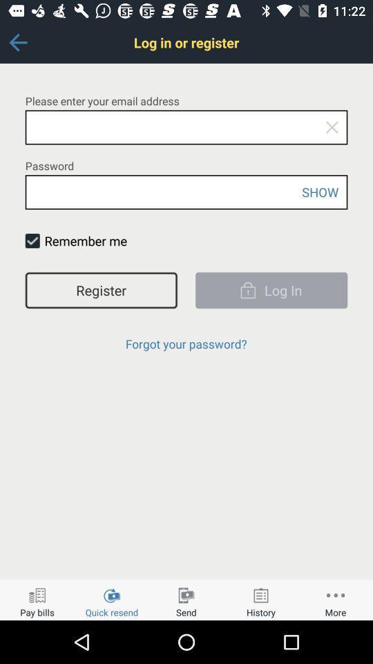 This screenshot has height=664, width=373. Describe the element at coordinates (32, 241) in the screenshot. I see `check mark box` at that location.